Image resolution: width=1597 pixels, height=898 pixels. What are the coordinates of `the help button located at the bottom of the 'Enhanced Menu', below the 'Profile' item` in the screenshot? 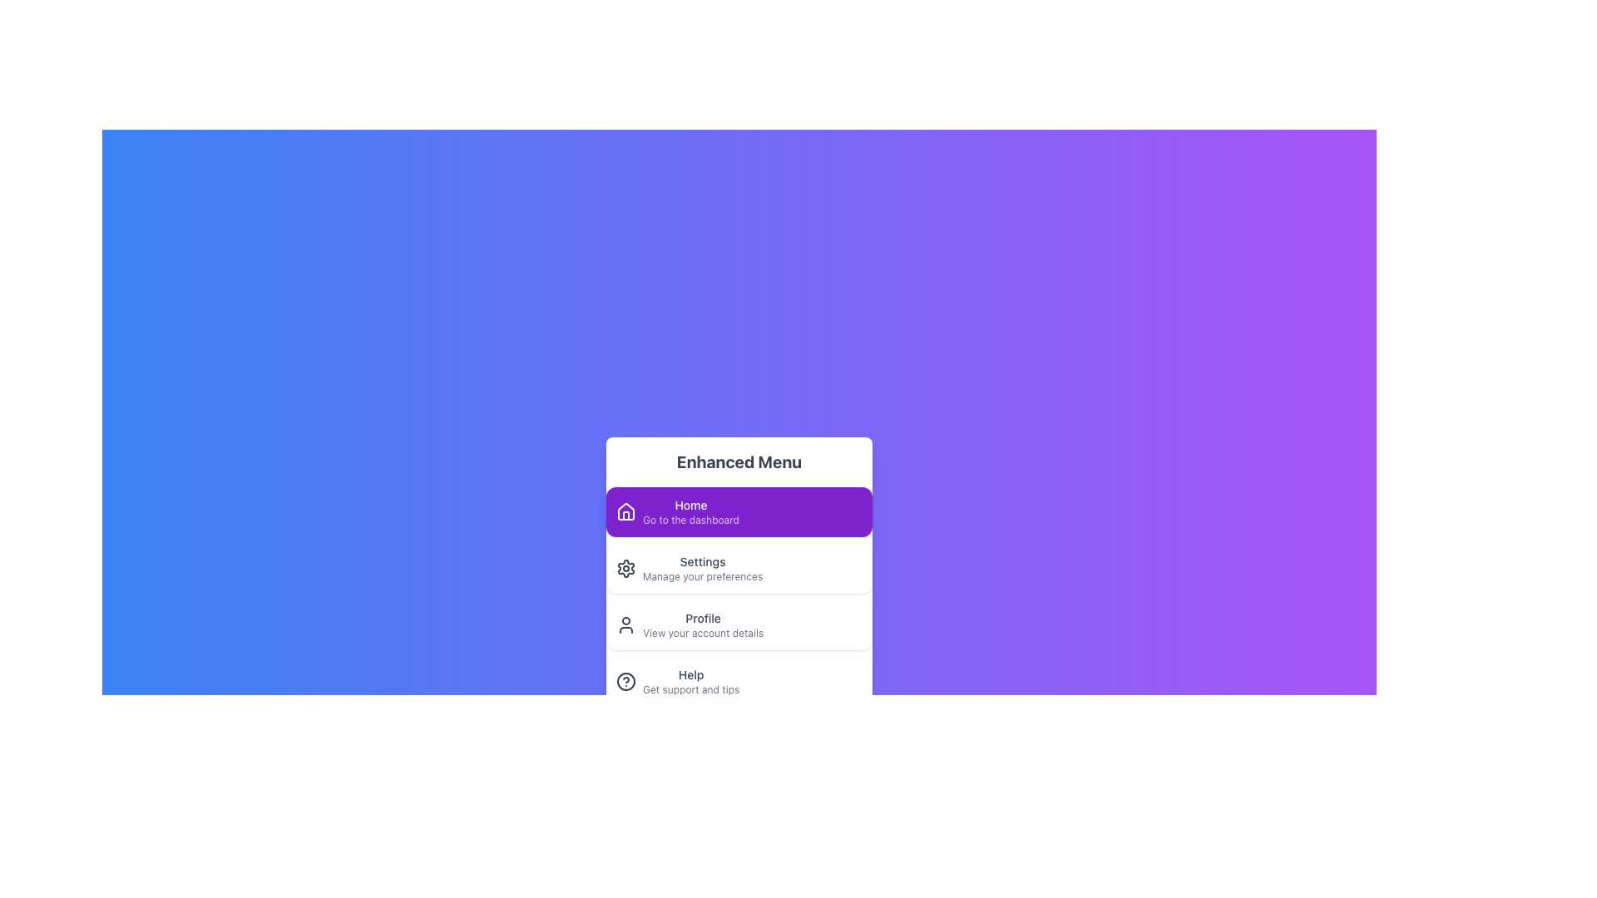 It's located at (738, 682).